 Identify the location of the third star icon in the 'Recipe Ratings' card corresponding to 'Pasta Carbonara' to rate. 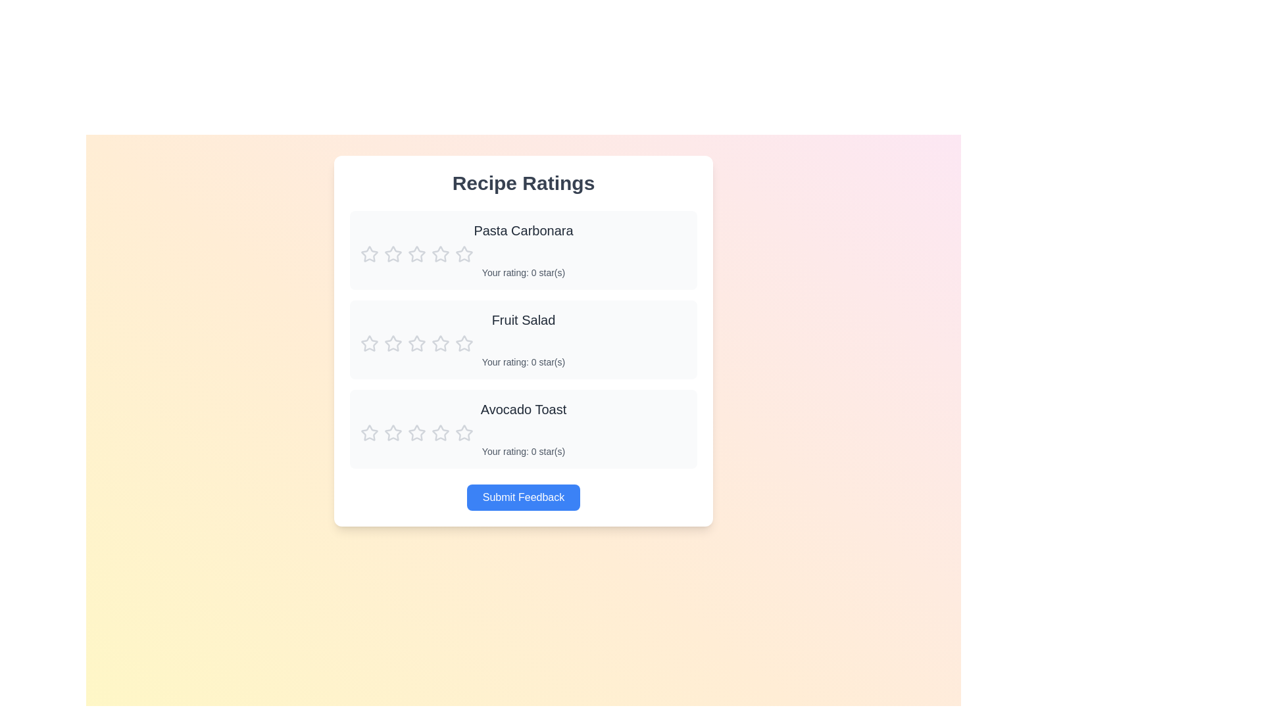
(441, 254).